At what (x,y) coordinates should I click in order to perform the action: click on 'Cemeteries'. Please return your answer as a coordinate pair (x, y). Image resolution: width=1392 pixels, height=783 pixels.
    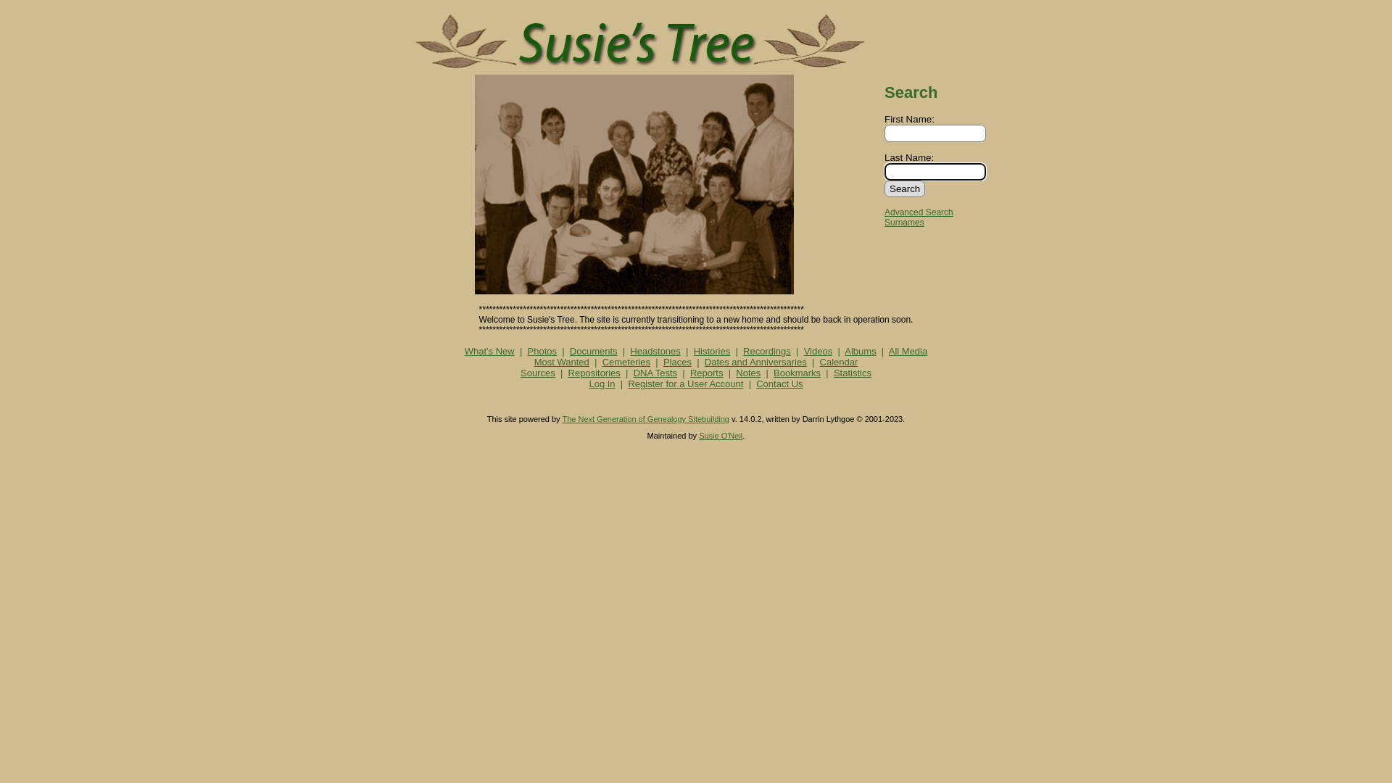
    Looking at the image, I should click on (602, 361).